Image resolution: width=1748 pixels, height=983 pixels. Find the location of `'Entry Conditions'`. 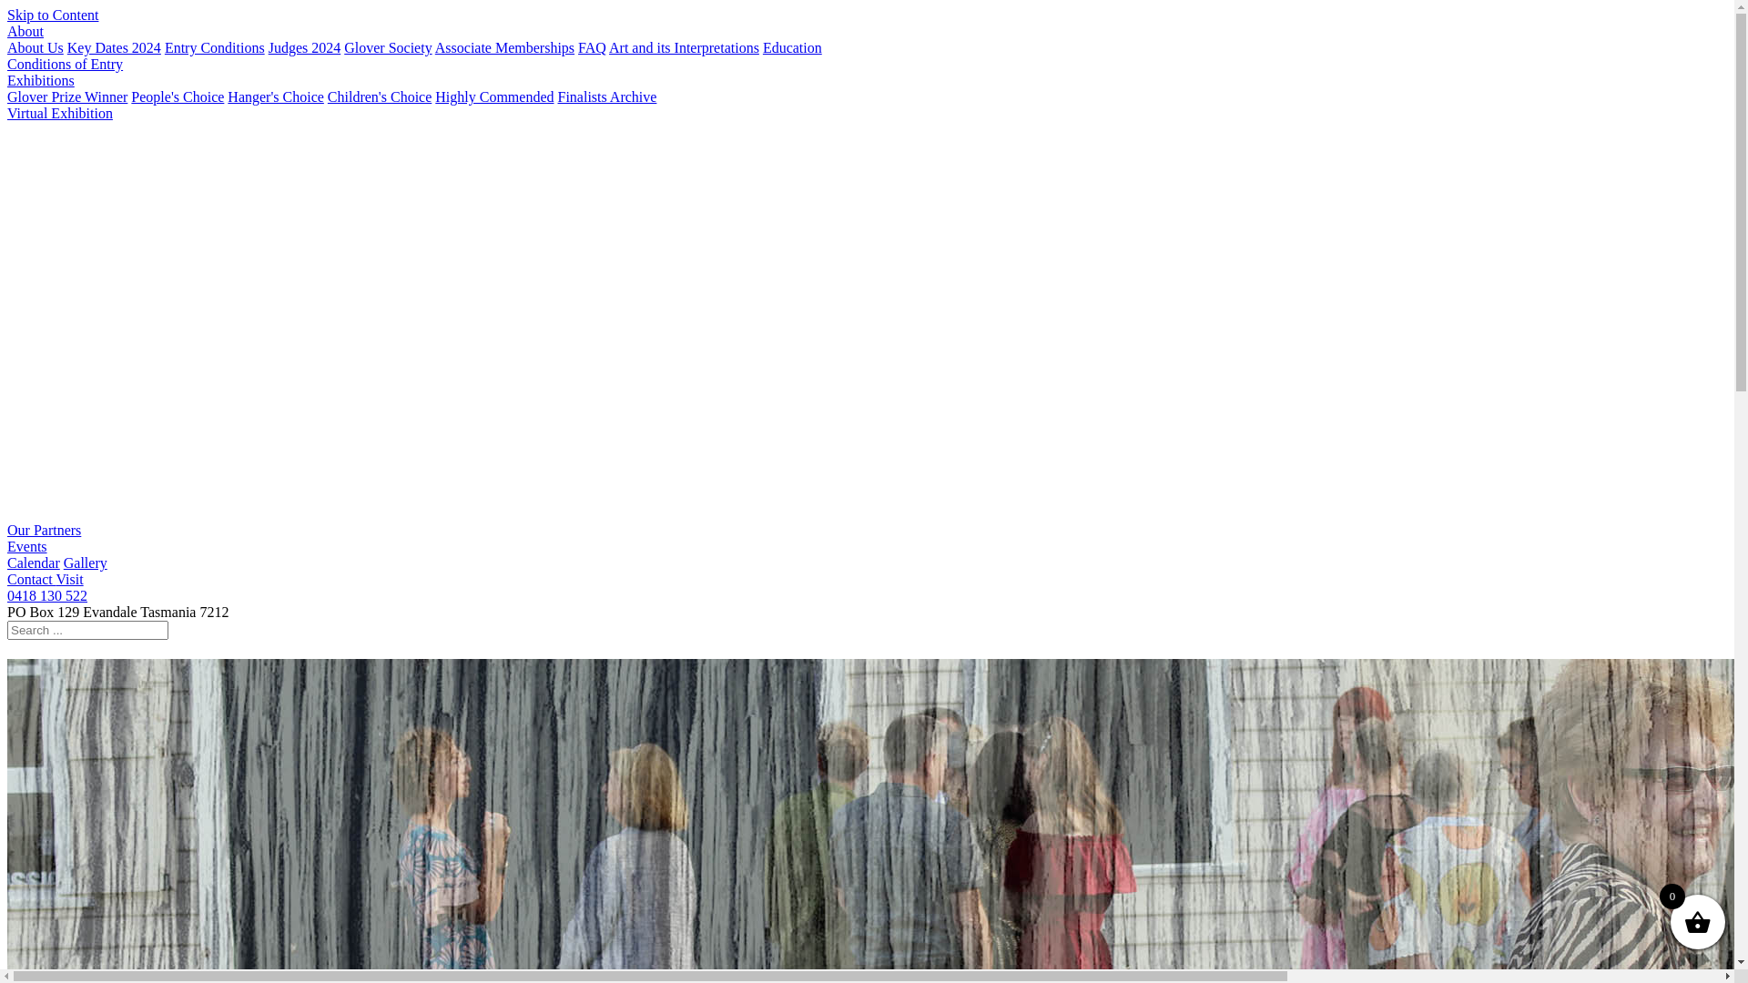

'Entry Conditions' is located at coordinates (165, 46).